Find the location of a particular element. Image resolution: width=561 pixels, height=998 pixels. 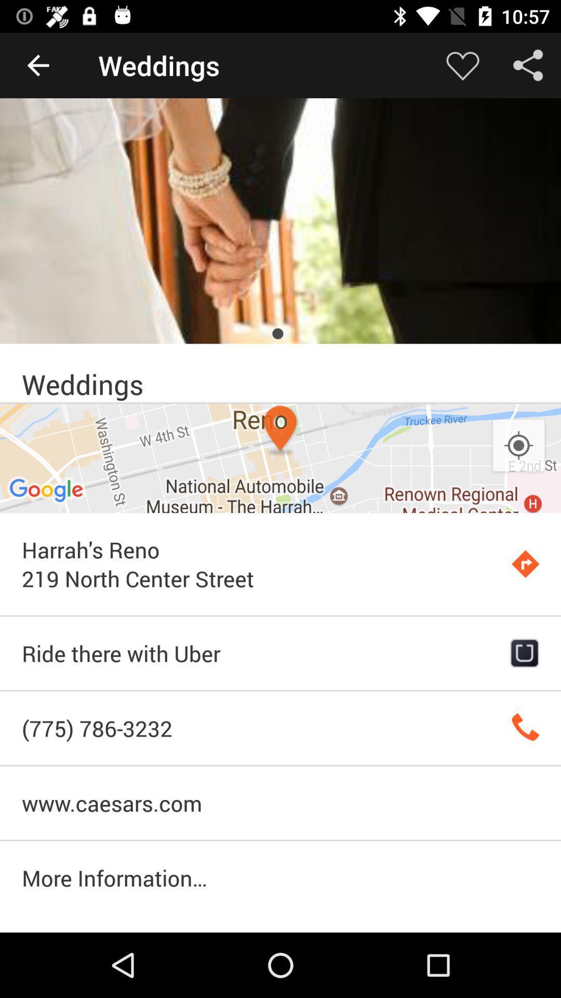

icon next to the weddings is located at coordinates (37, 64).